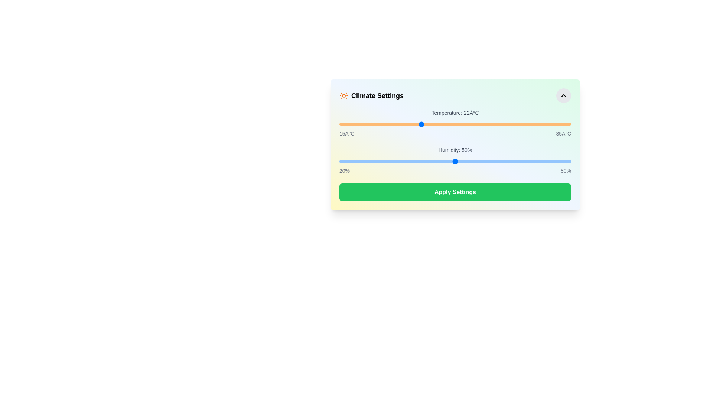 This screenshot has width=713, height=401. I want to click on the range slider located below the text 'Humidity: 50%' and above the labels '20%' and '80%', so click(455, 161).